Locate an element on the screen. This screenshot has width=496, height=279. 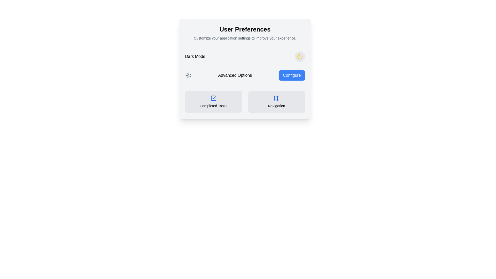
the crescent moon icon representing the 'Dark Mode' feature, which is styled in yellow and located next to the 'Dark Mode' label in the User Preferences section is located at coordinates (300, 57).